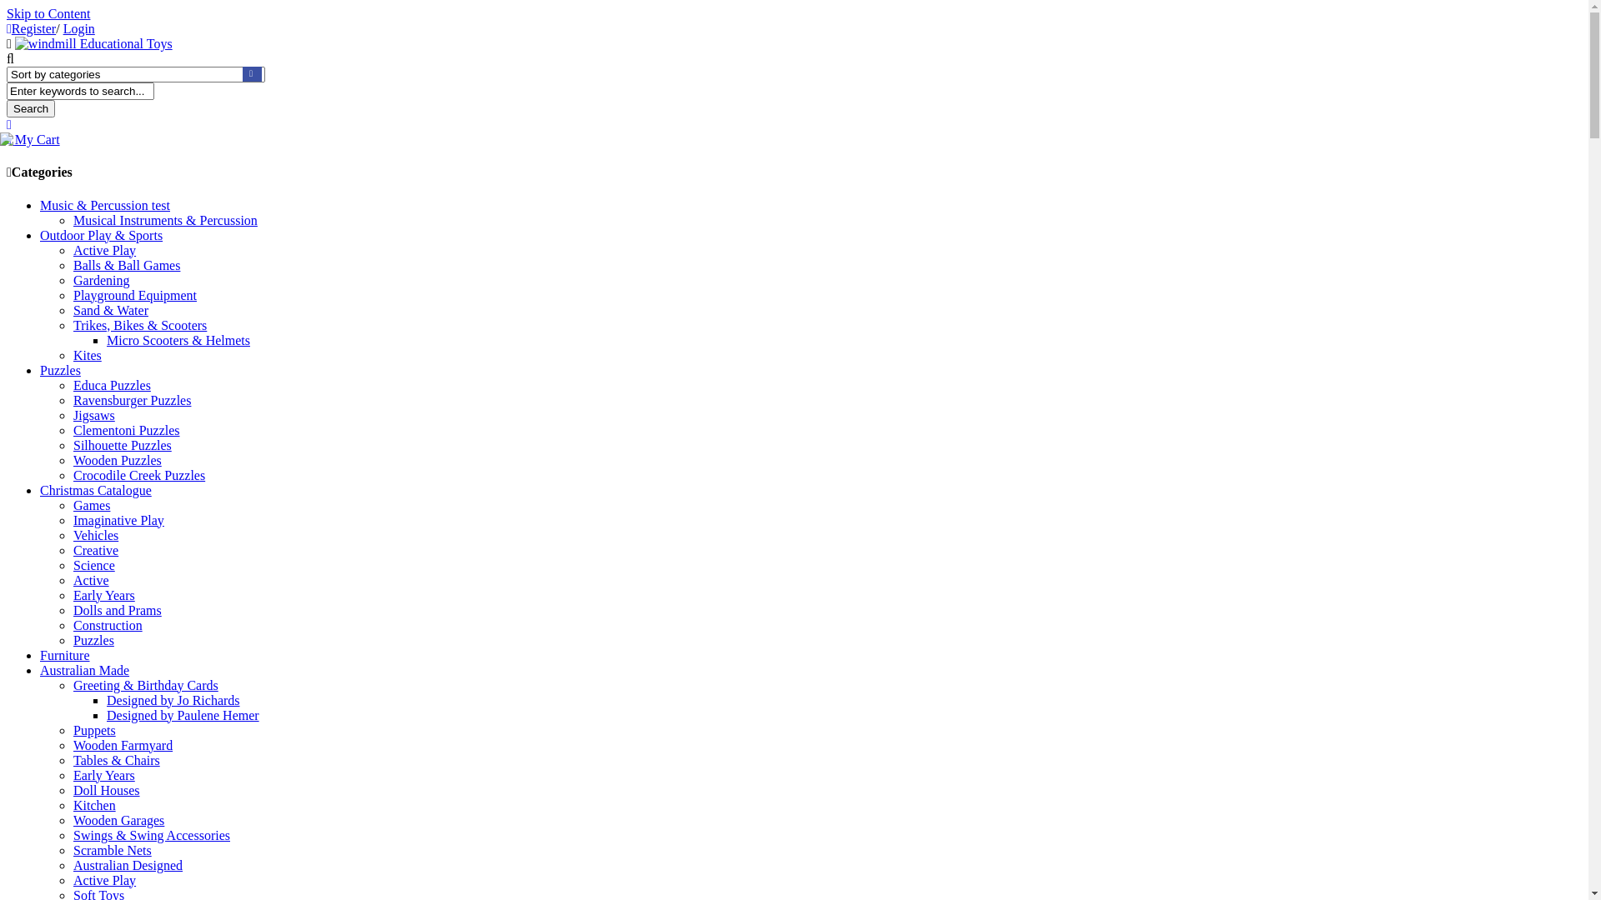 The height and width of the screenshot is (900, 1601). I want to click on 'Ravensburger Puzzles', so click(131, 400).